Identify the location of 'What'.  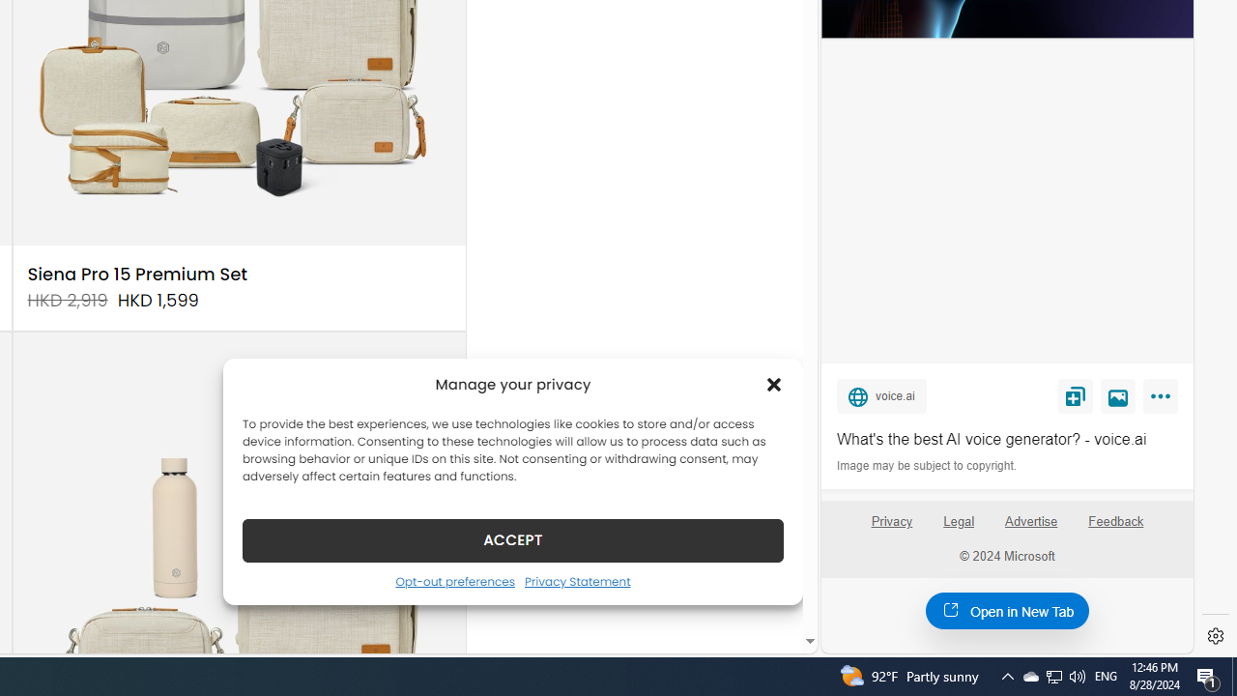
(1006, 440).